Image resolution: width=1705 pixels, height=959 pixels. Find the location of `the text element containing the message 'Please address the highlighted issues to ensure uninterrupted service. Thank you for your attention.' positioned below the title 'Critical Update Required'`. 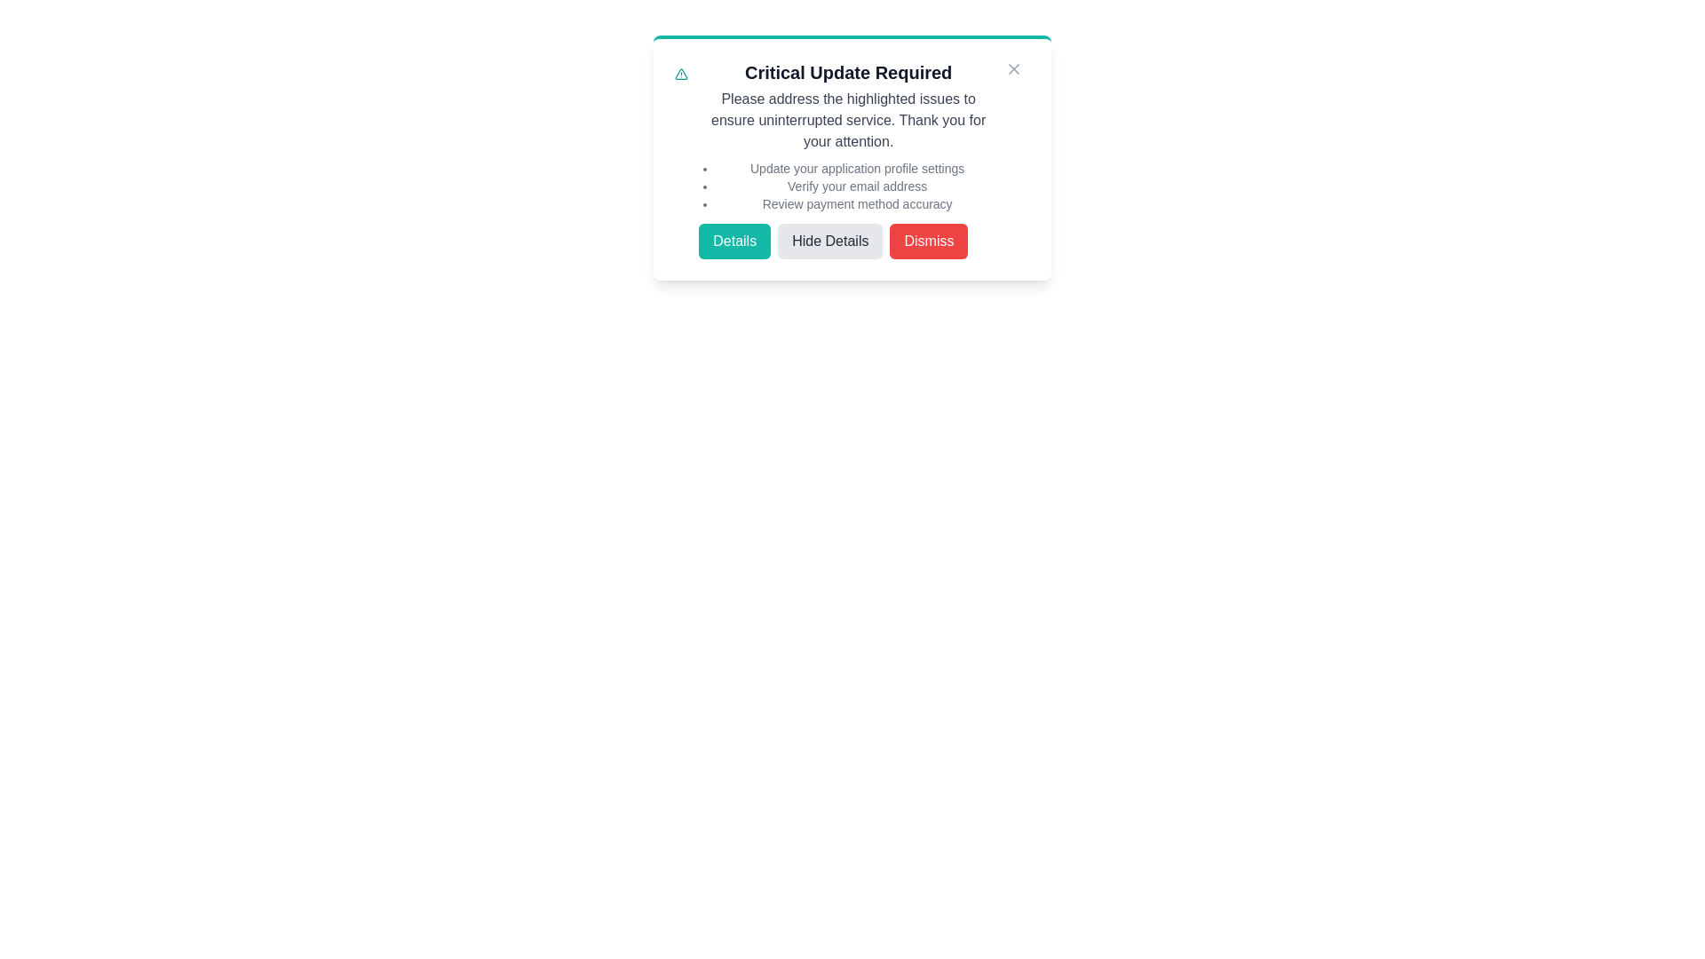

the text element containing the message 'Please address the highlighted issues to ensure uninterrupted service. Thank you for your attention.' positioned below the title 'Critical Update Required' is located at coordinates (847, 120).